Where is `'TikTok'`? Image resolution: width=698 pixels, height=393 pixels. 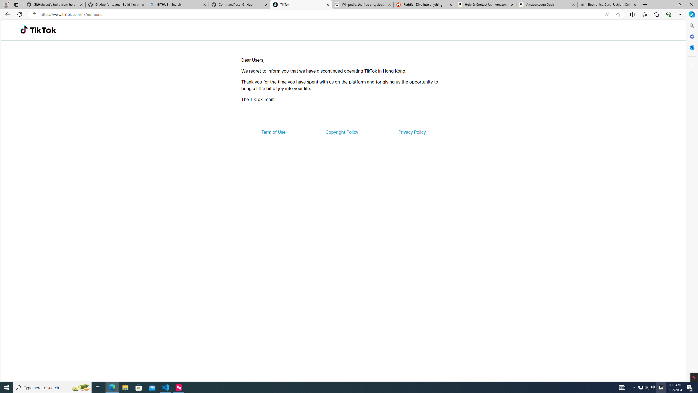
'TikTok' is located at coordinates (43, 30).